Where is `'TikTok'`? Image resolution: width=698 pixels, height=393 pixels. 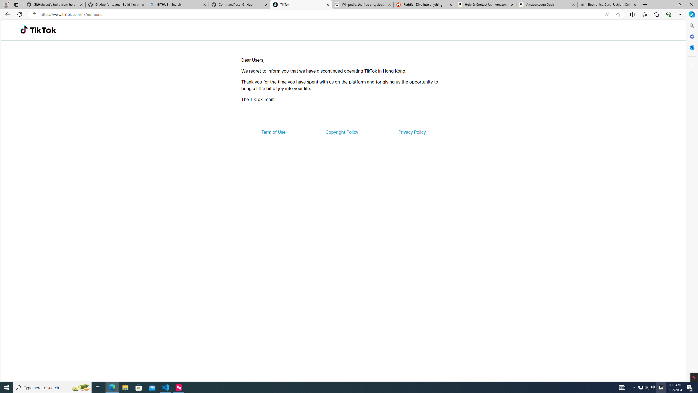
'TikTok' is located at coordinates (43, 30).